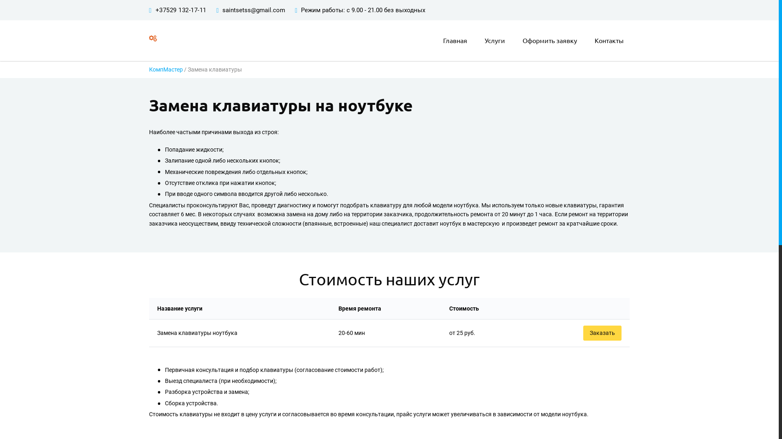 The height and width of the screenshot is (439, 782). Describe the element at coordinates (222, 10) in the screenshot. I see `'saintsetss@gmail.com'` at that location.